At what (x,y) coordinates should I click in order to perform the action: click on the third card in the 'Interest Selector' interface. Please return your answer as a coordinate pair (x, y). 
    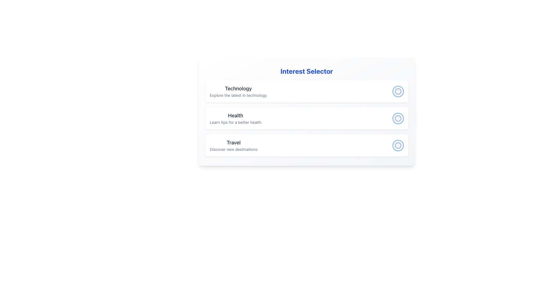
    Looking at the image, I should click on (306, 145).